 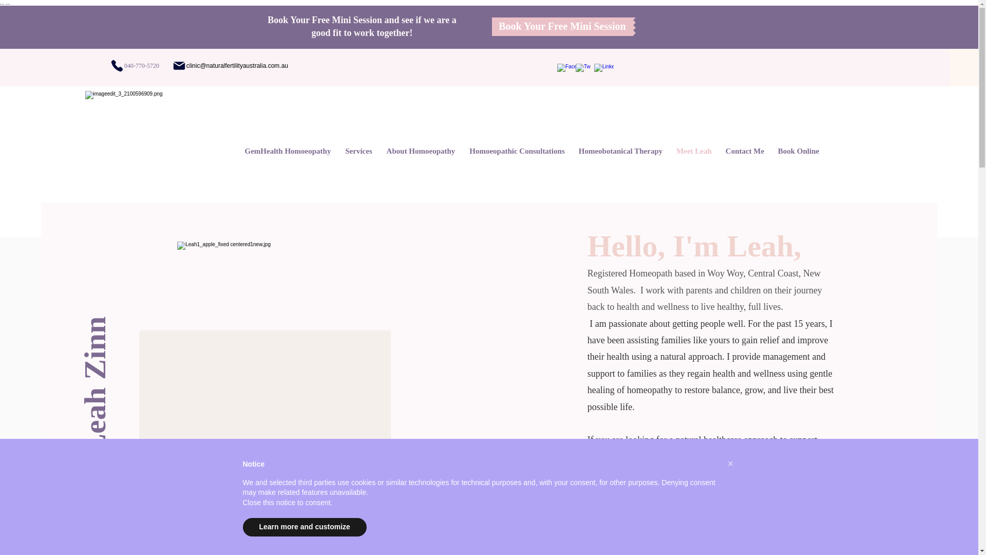 What do you see at coordinates (517, 151) in the screenshot?
I see `'Homoeopathic Consultations'` at bounding box center [517, 151].